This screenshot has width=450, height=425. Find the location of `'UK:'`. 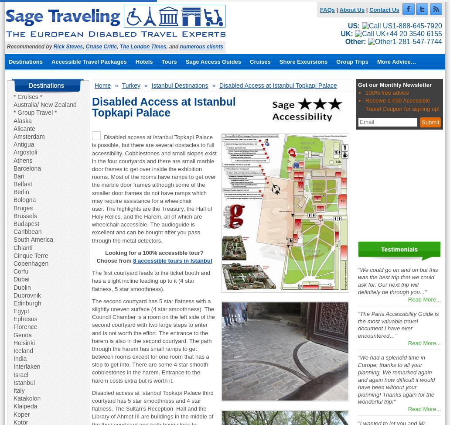

'UK:' is located at coordinates (346, 34).